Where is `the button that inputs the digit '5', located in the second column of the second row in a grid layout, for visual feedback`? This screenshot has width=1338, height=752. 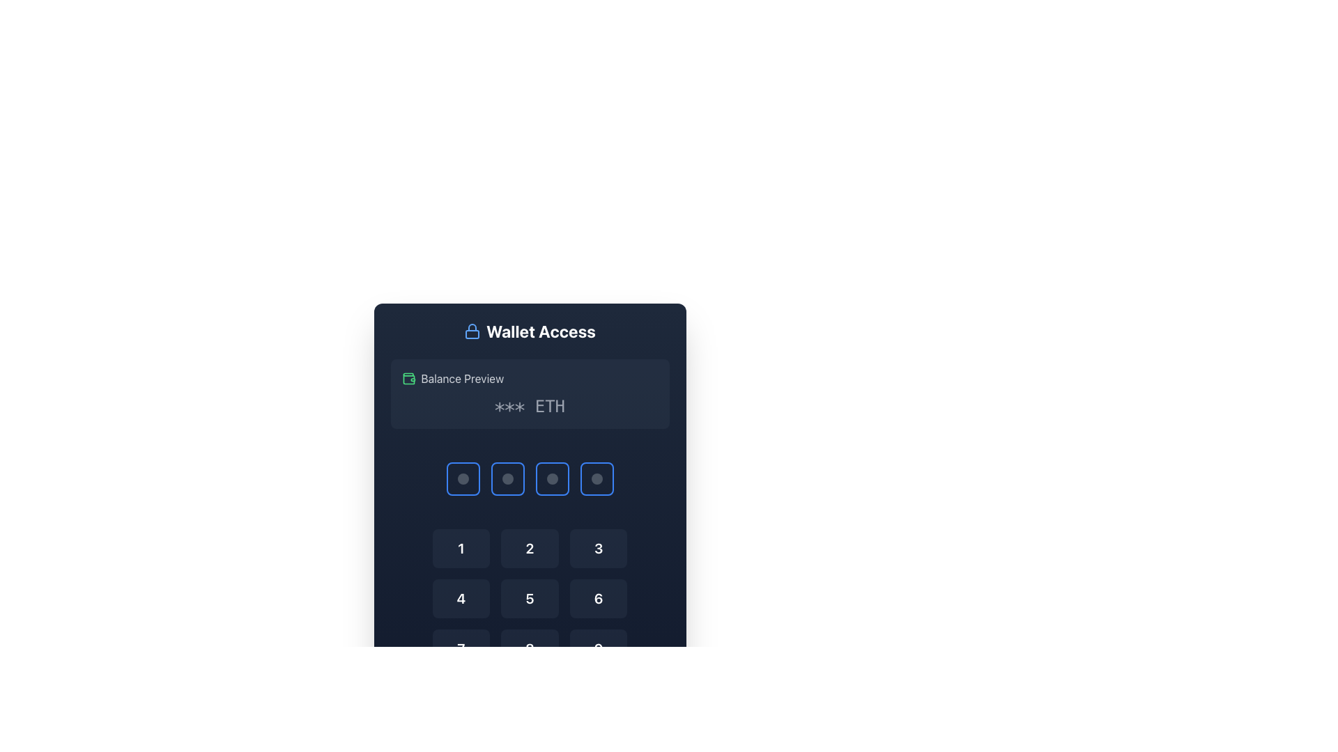 the button that inputs the digit '5', located in the second column of the second row in a grid layout, for visual feedback is located at coordinates (529, 598).